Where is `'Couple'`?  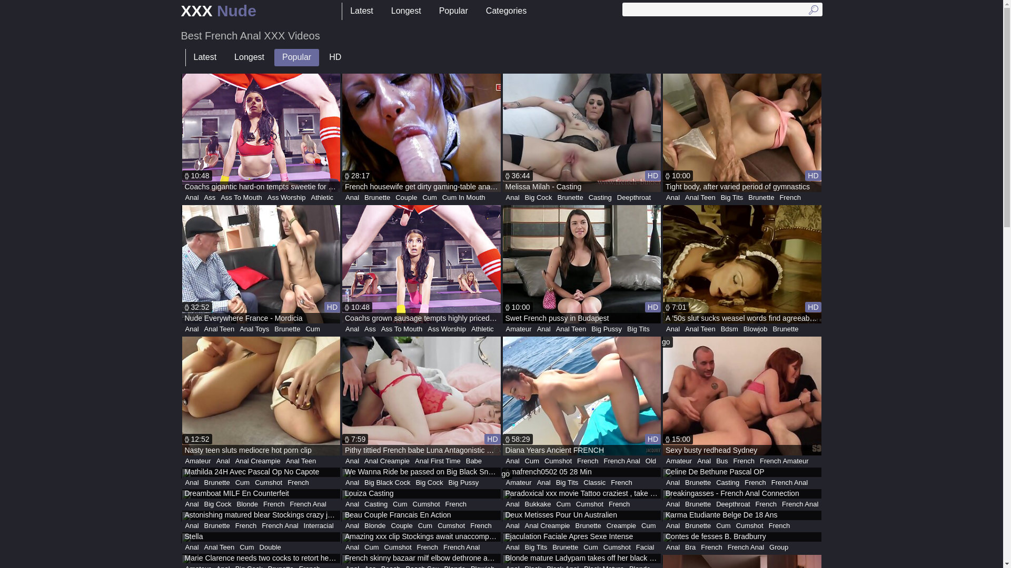
'Couple' is located at coordinates (405, 197).